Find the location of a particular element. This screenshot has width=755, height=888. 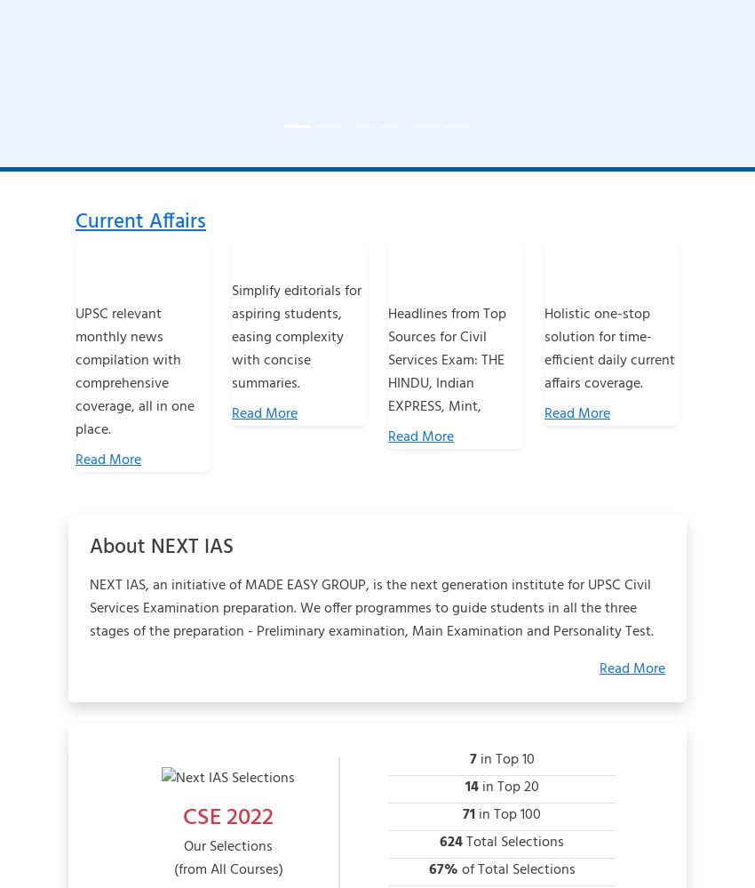

'MADE EASY - ESE & GATE Coaching ( Offline & Online Courses )' is located at coordinates (432, 40).